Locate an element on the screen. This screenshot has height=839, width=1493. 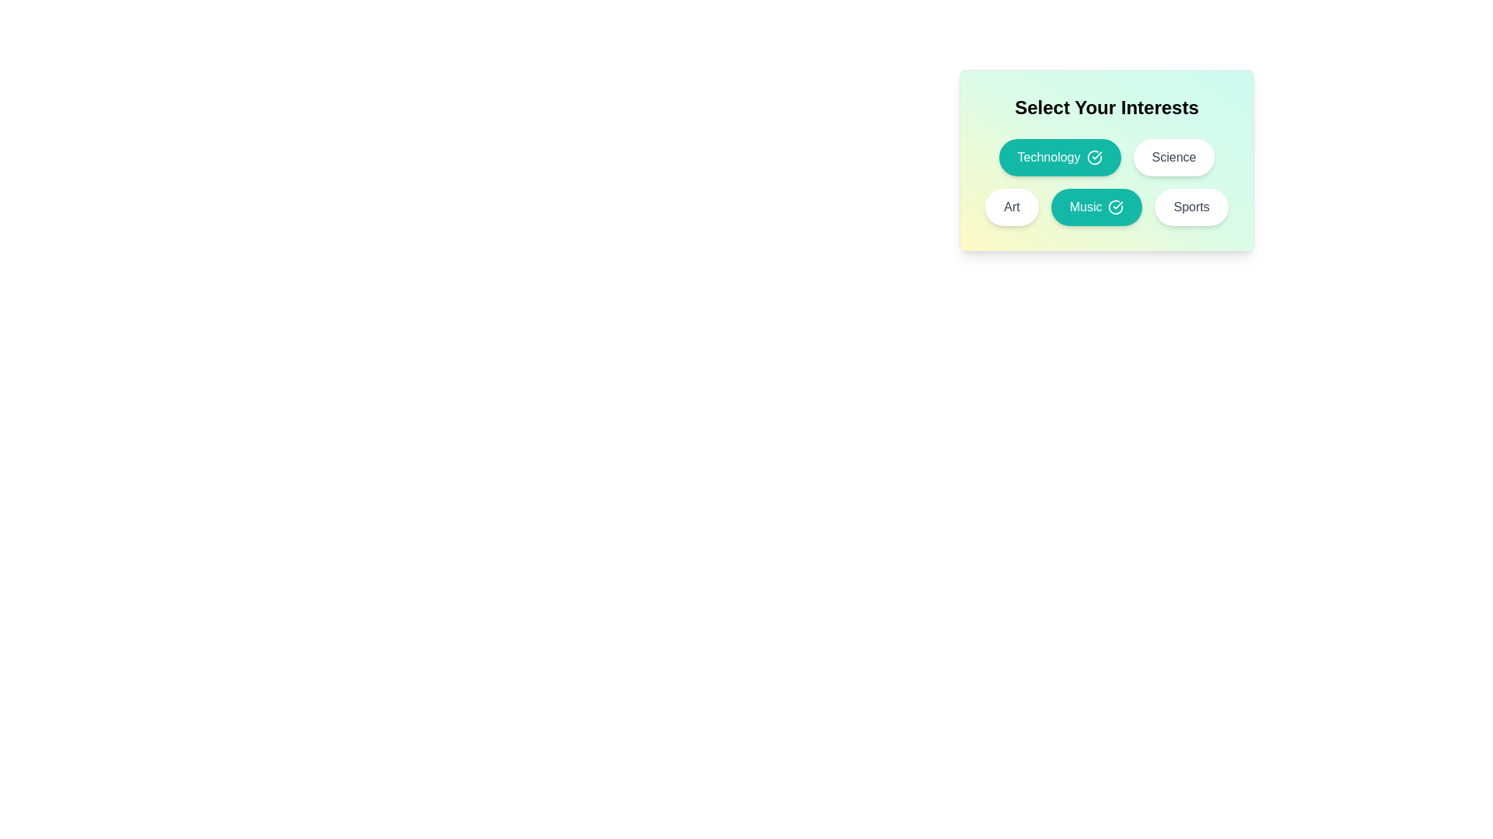
the interest tag labeled Science is located at coordinates (1173, 158).